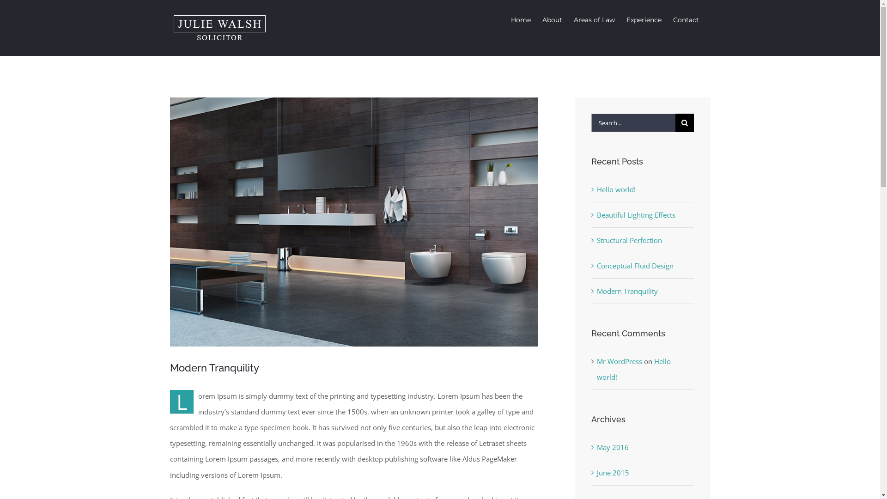  What do you see at coordinates (521, 19) in the screenshot?
I see `'Home'` at bounding box center [521, 19].